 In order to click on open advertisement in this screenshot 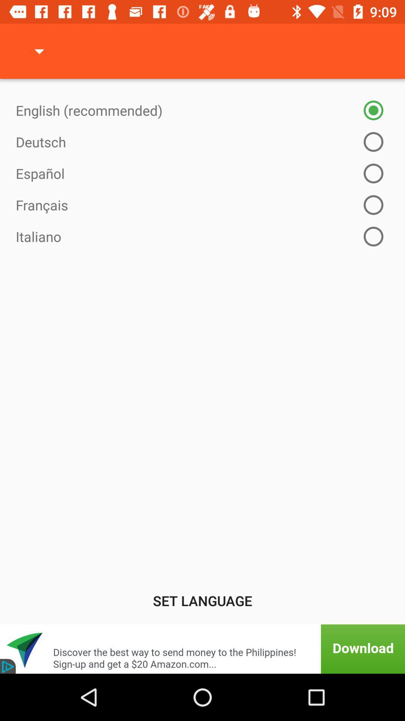, I will do `click(202, 649)`.